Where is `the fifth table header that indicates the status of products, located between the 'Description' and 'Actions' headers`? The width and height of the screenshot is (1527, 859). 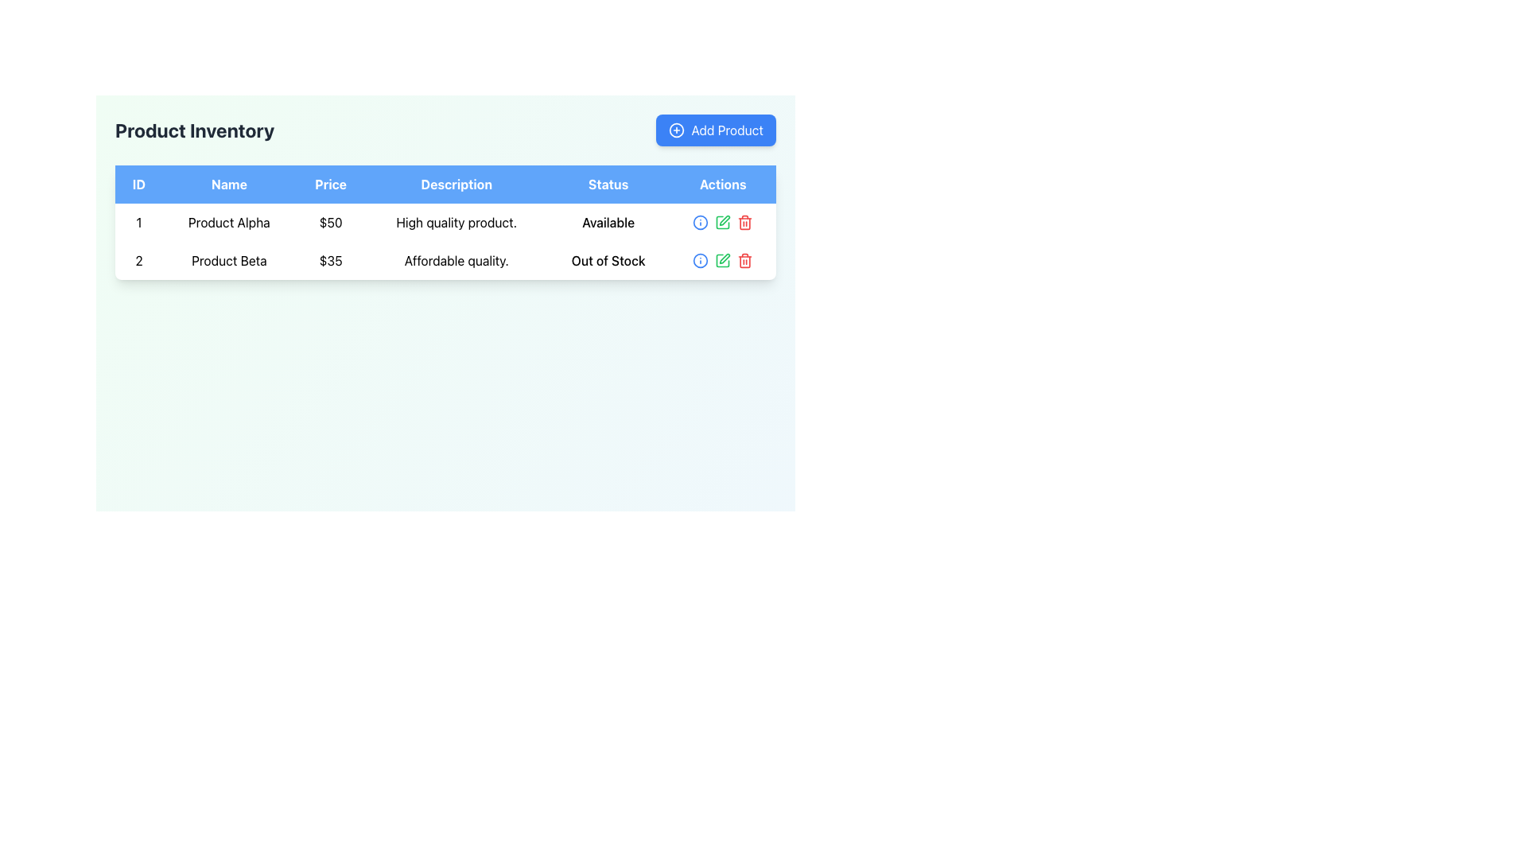 the fifth table header that indicates the status of products, located between the 'Description' and 'Actions' headers is located at coordinates (608, 183).